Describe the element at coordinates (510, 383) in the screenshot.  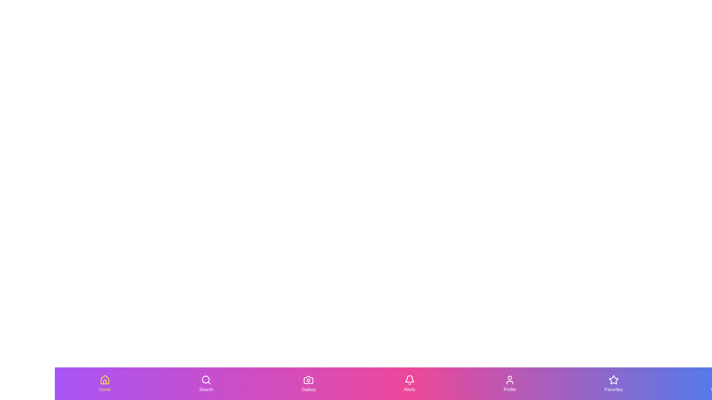
I see `the button labeled Profile to observe the hover effect` at that location.